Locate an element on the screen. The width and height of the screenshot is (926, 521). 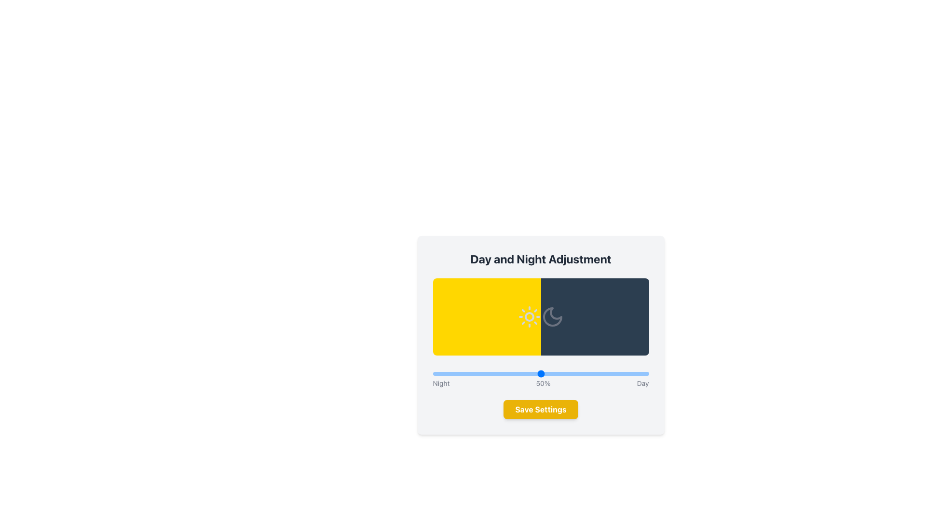
the Decorative Panel with a gradient background split into yellow and dark blue halves, located within the 'Day and Night Adjustment' section, featuring a sun icon on the yellow side and a crescent moon on the blue side is located at coordinates (541, 334).